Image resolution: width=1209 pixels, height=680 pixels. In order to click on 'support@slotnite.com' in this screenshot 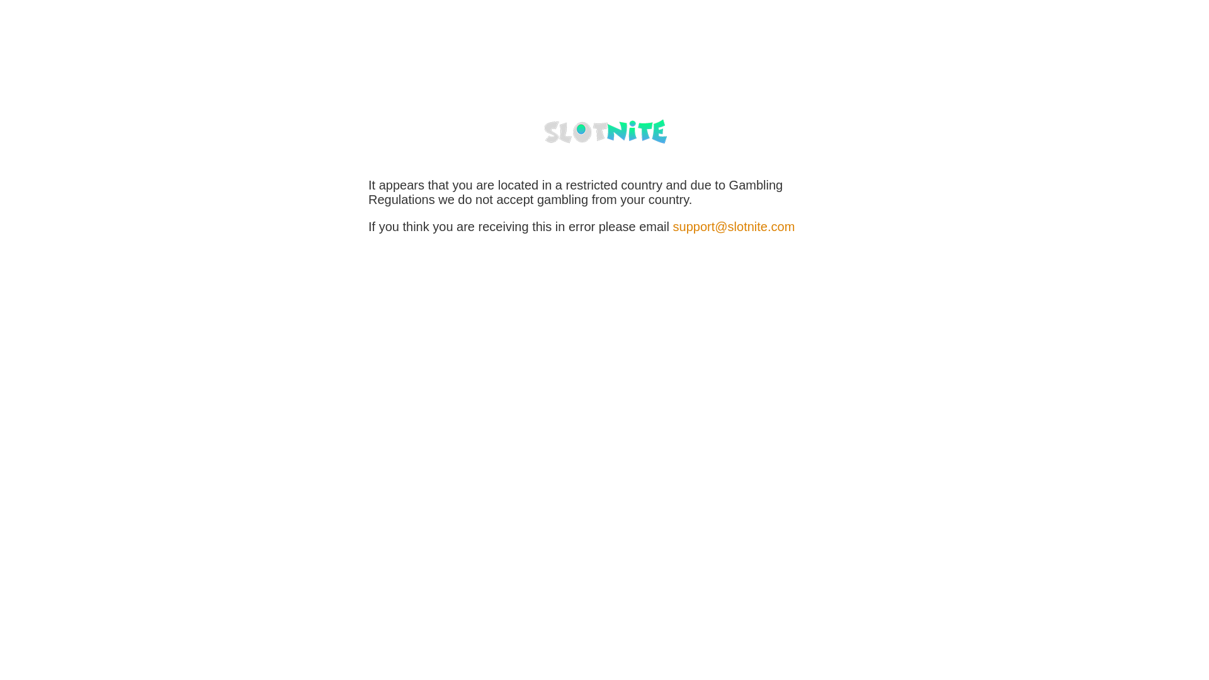, I will do `click(734, 225)`.